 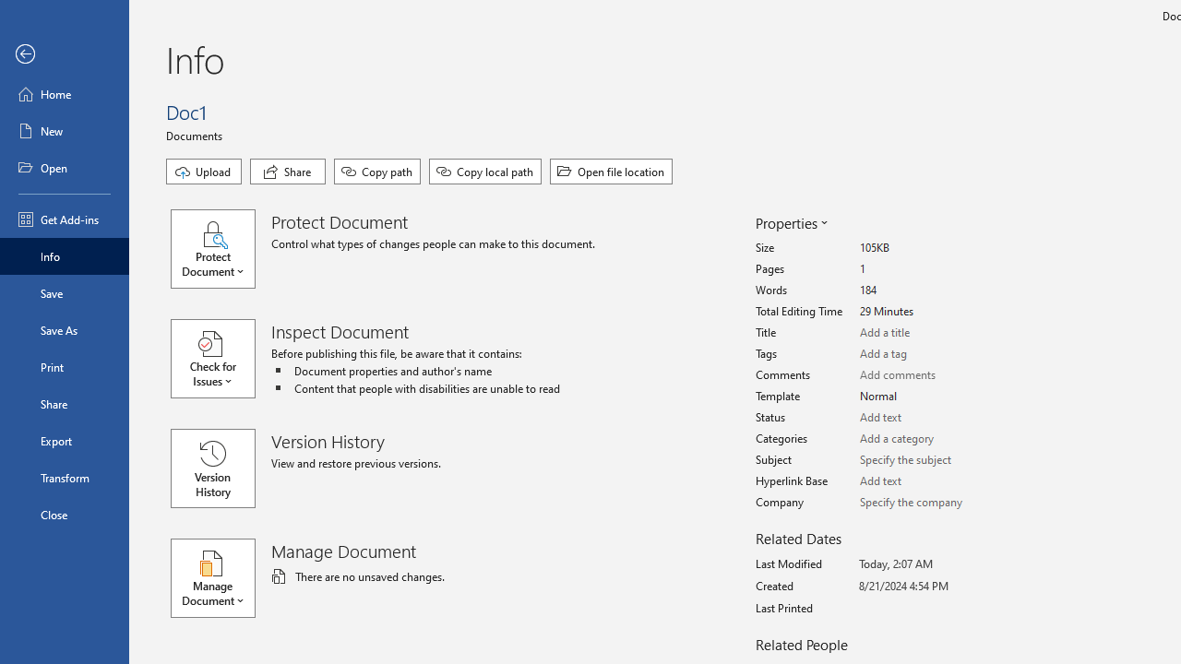 What do you see at coordinates (64, 255) in the screenshot?
I see `'Info'` at bounding box center [64, 255].